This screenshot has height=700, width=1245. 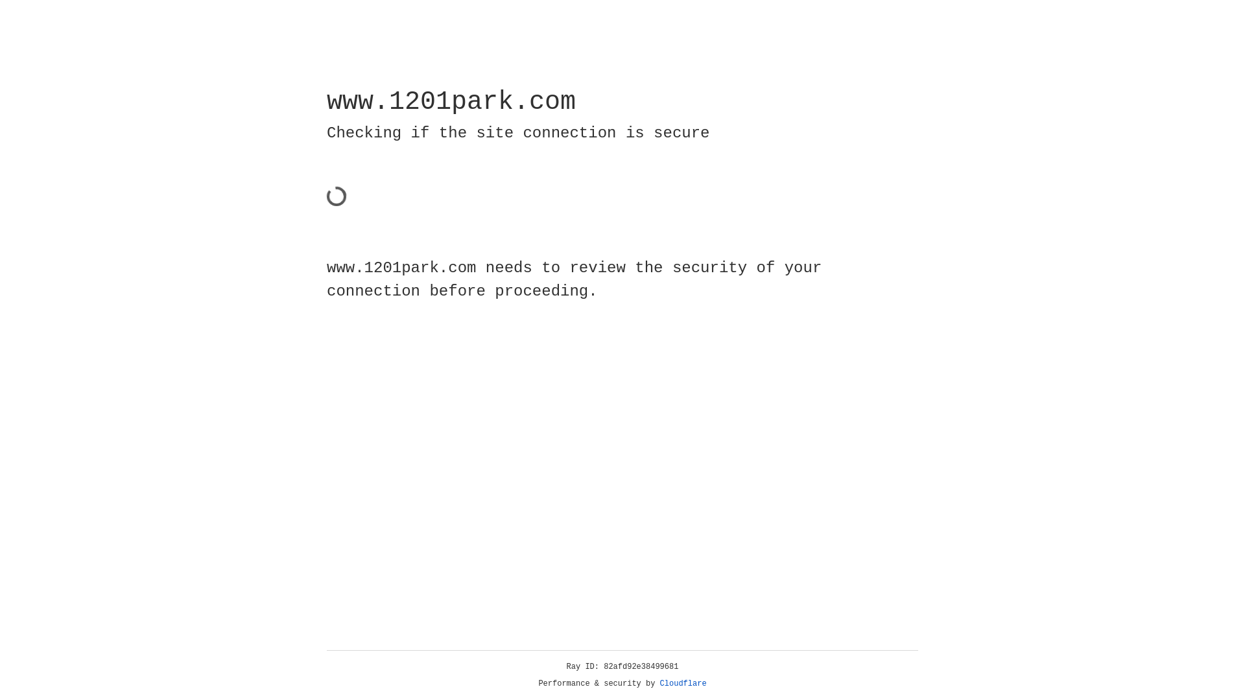 I want to click on 'Cloudflare', so click(x=659, y=683).